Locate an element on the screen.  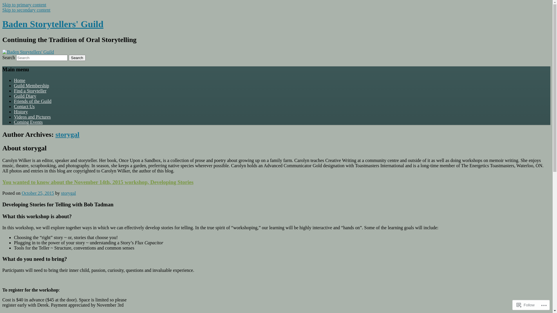
'History' is located at coordinates (21, 112).